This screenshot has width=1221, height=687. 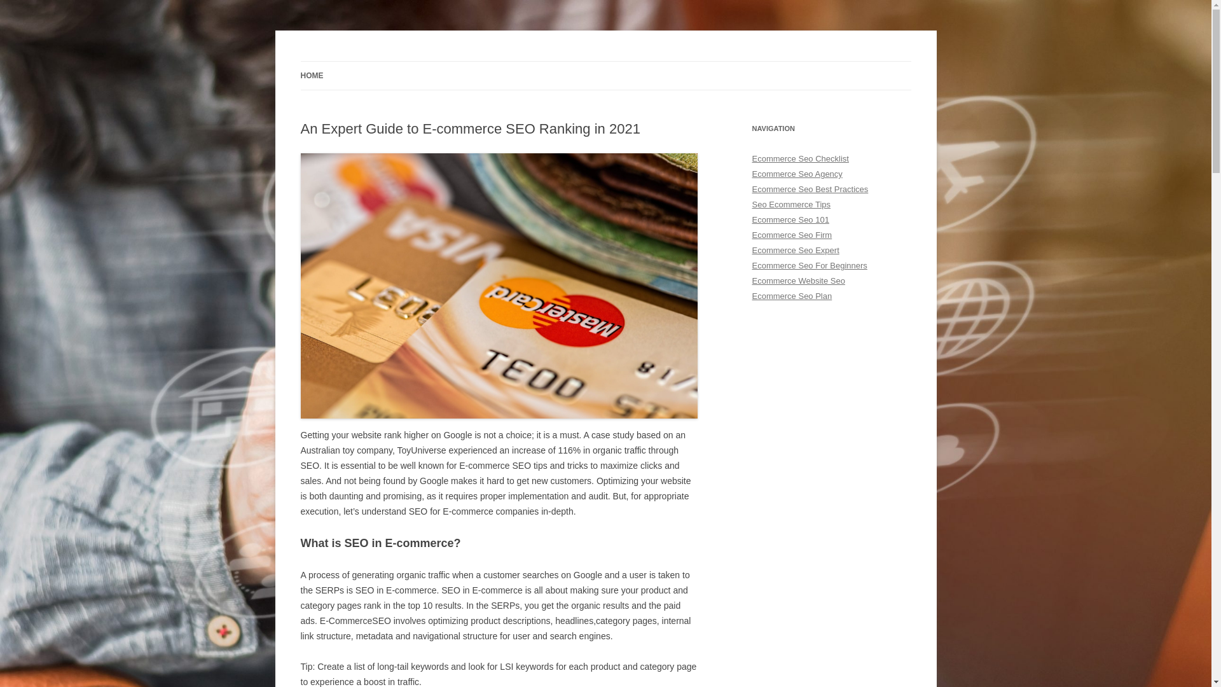 I want to click on 'Ecommerce Seo 101', so click(x=789, y=219).